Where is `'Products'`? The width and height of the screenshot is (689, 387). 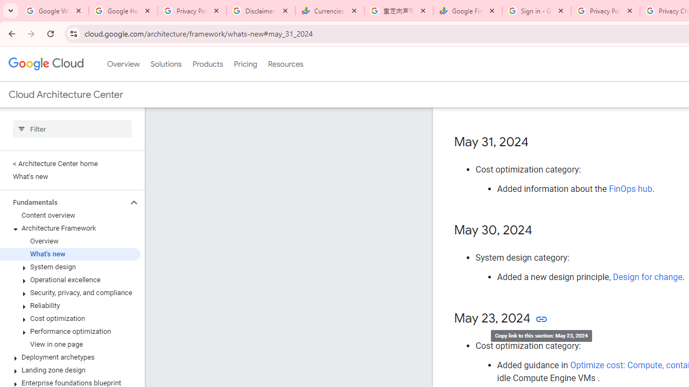
'Products' is located at coordinates (207, 64).